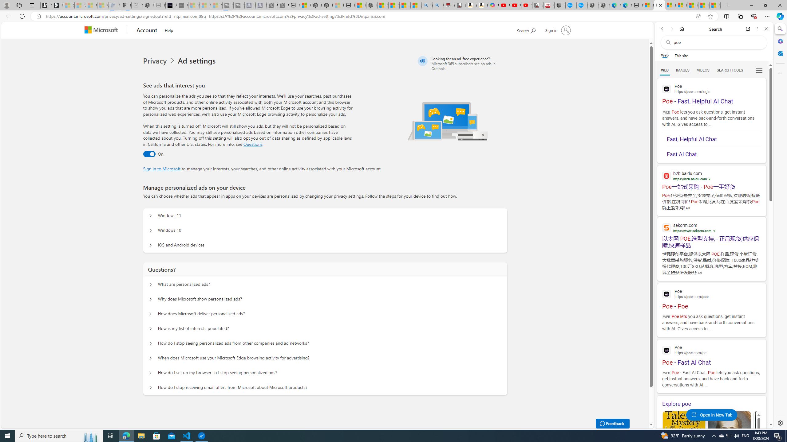 This screenshot has width=787, height=442. I want to click on 'Poe - Fast AI Chat', so click(711, 354).